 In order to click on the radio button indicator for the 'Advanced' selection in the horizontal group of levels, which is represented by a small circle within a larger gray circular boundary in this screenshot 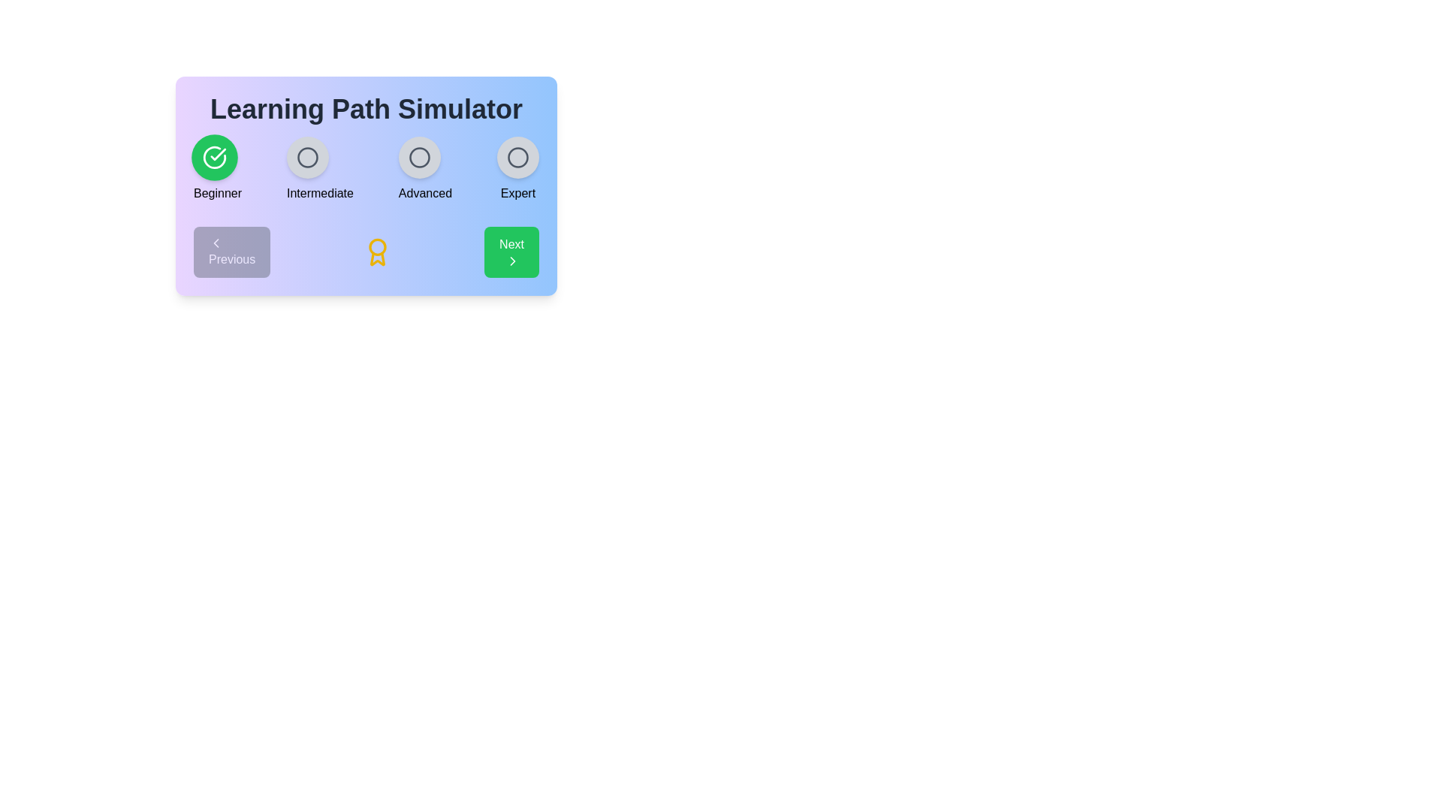, I will do `click(419, 157)`.